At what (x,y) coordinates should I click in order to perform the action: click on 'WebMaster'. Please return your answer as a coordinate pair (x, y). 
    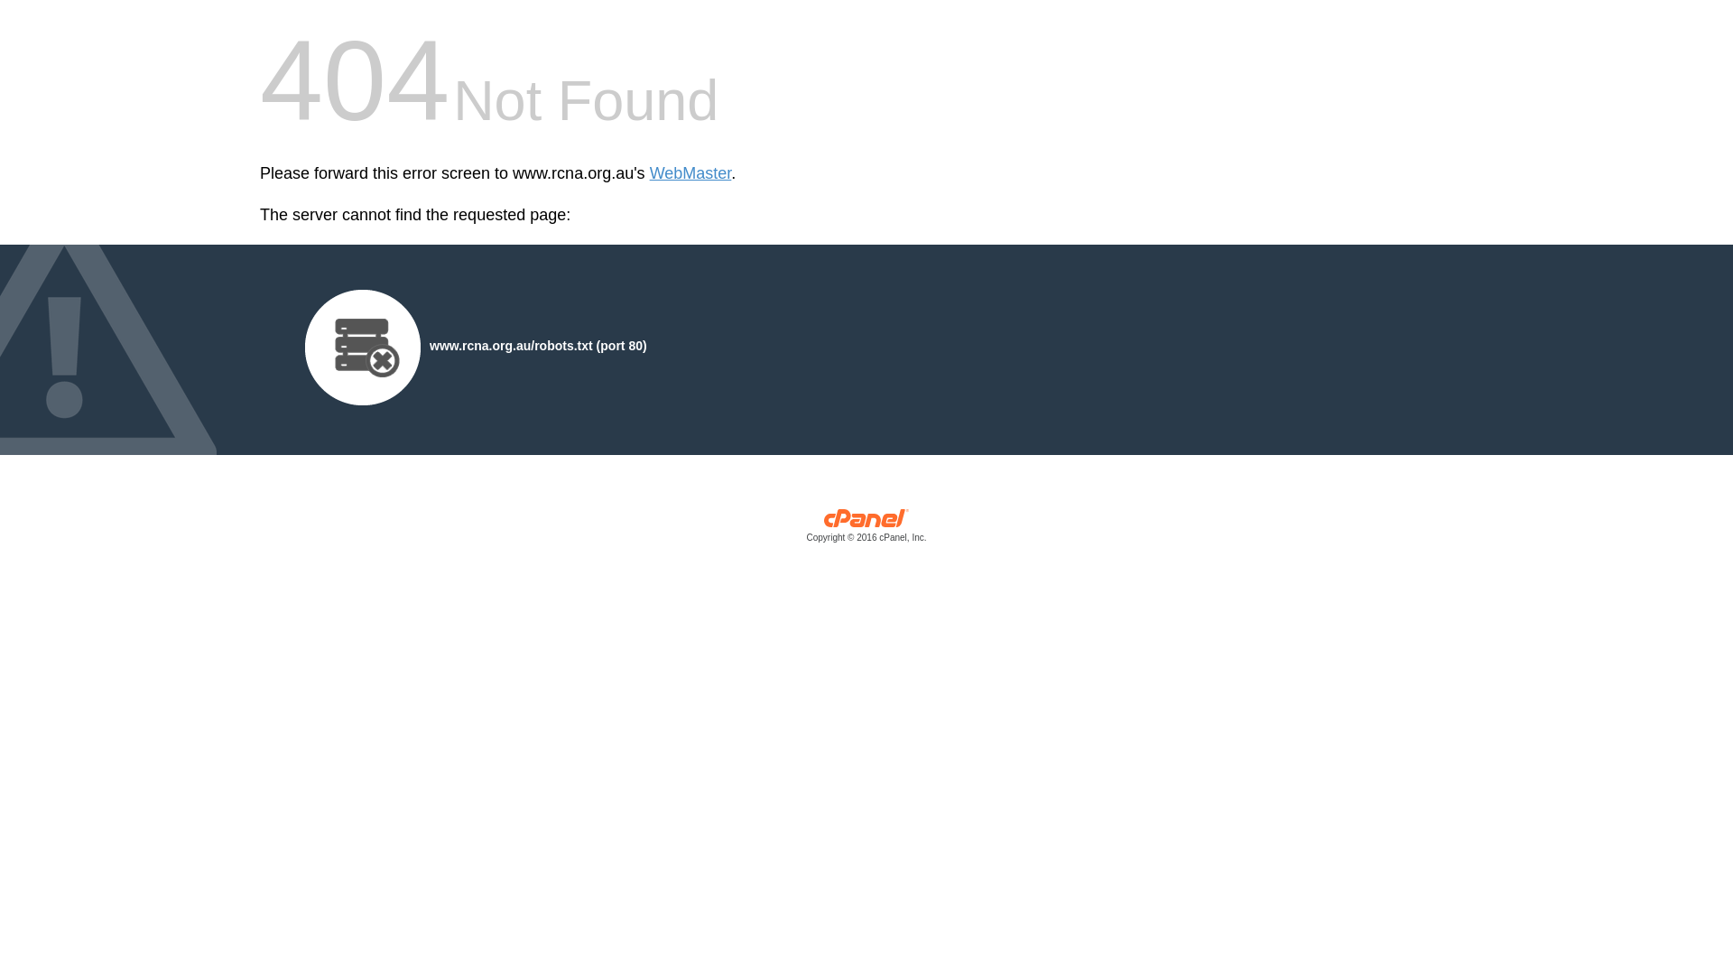
    Looking at the image, I should click on (690, 173).